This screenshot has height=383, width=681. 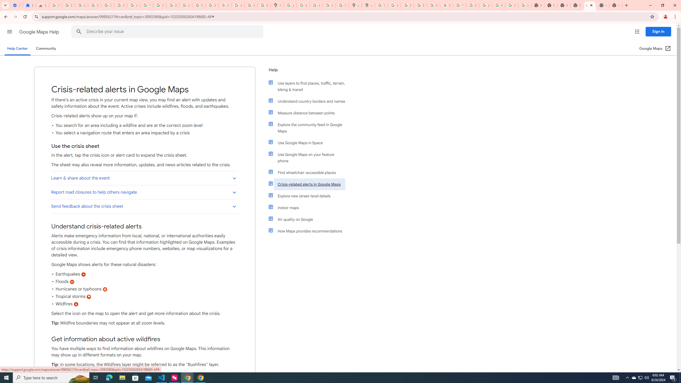 What do you see at coordinates (78, 31) in the screenshot?
I see `'Search Help Center'` at bounding box center [78, 31].